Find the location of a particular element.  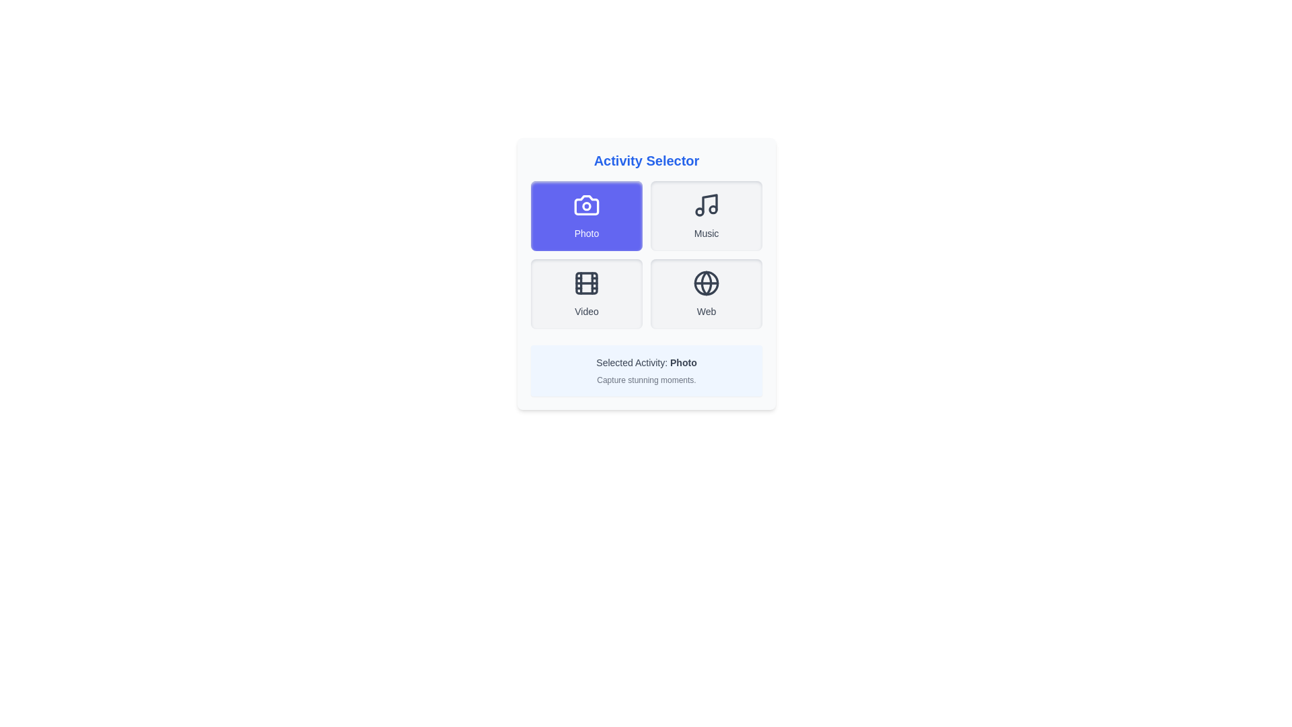

the button with a globe icon and the text 'Web' located in the bottom-right section of the 'Activity Selector' component for navigation is located at coordinates (706, 293).